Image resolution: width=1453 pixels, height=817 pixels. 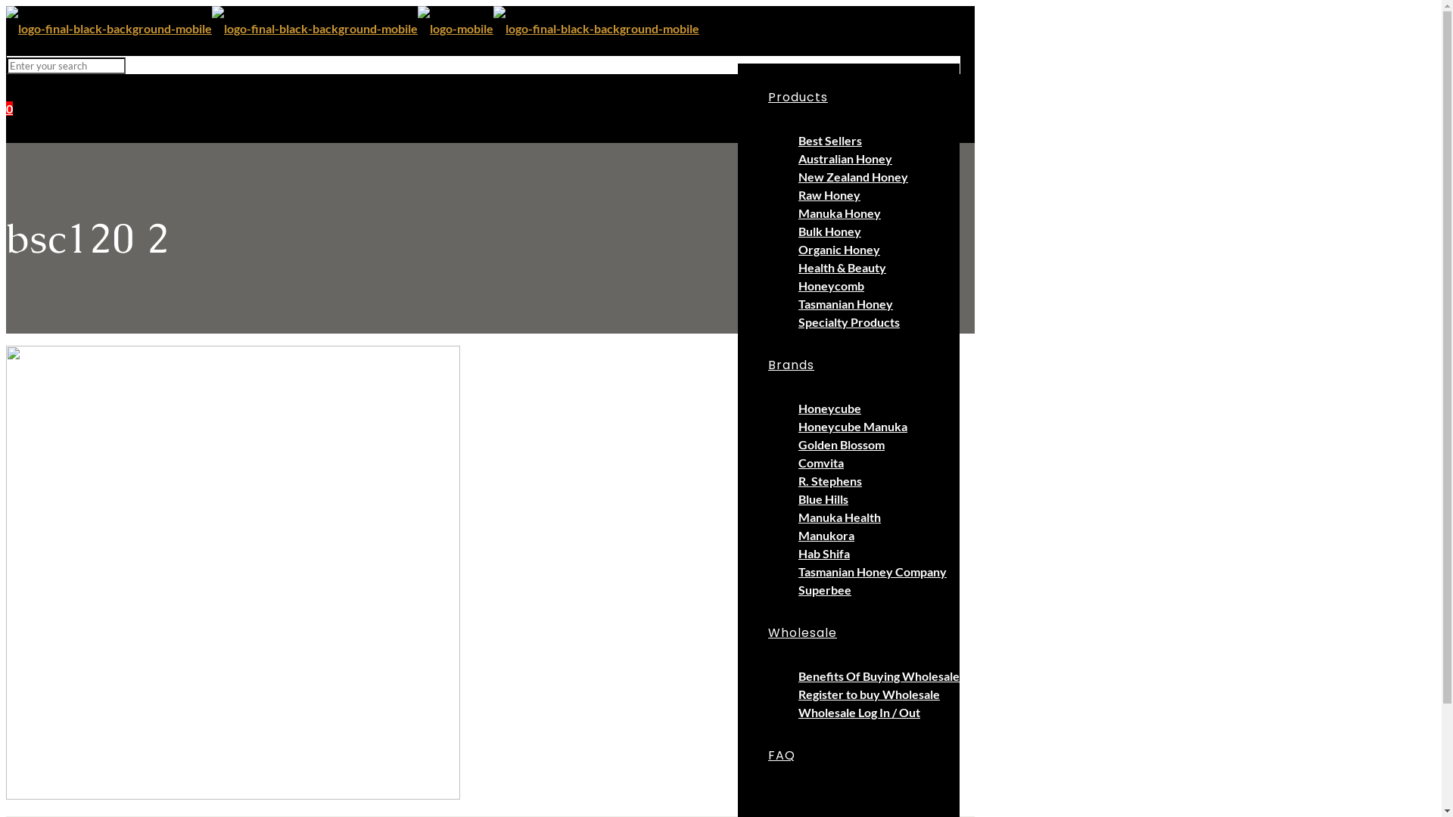 What do you see at coordinates (823, 589) in the screenshot?
I see `'Superbee'` at bounding box center [823, 589].